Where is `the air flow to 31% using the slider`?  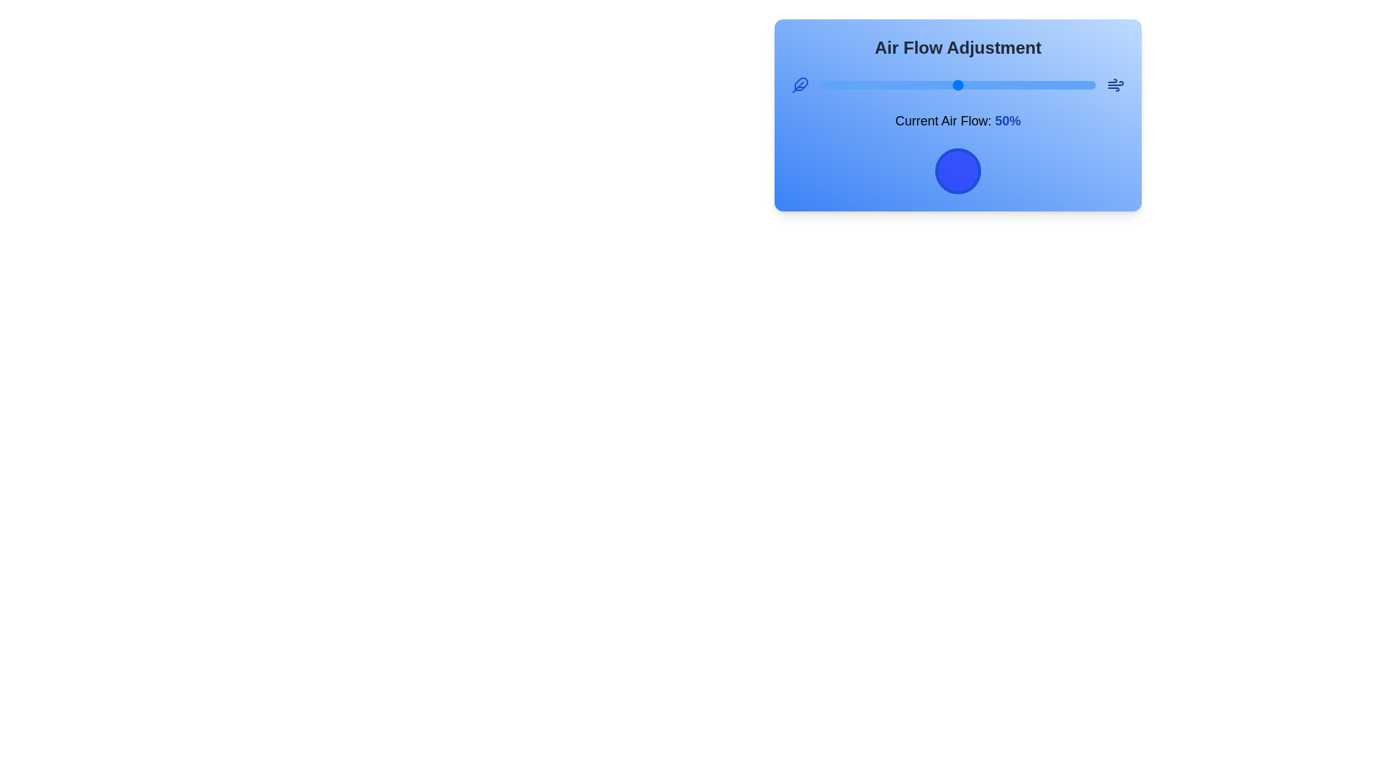
the air flow to 31% using the slider is located at coordinates (904, 85).